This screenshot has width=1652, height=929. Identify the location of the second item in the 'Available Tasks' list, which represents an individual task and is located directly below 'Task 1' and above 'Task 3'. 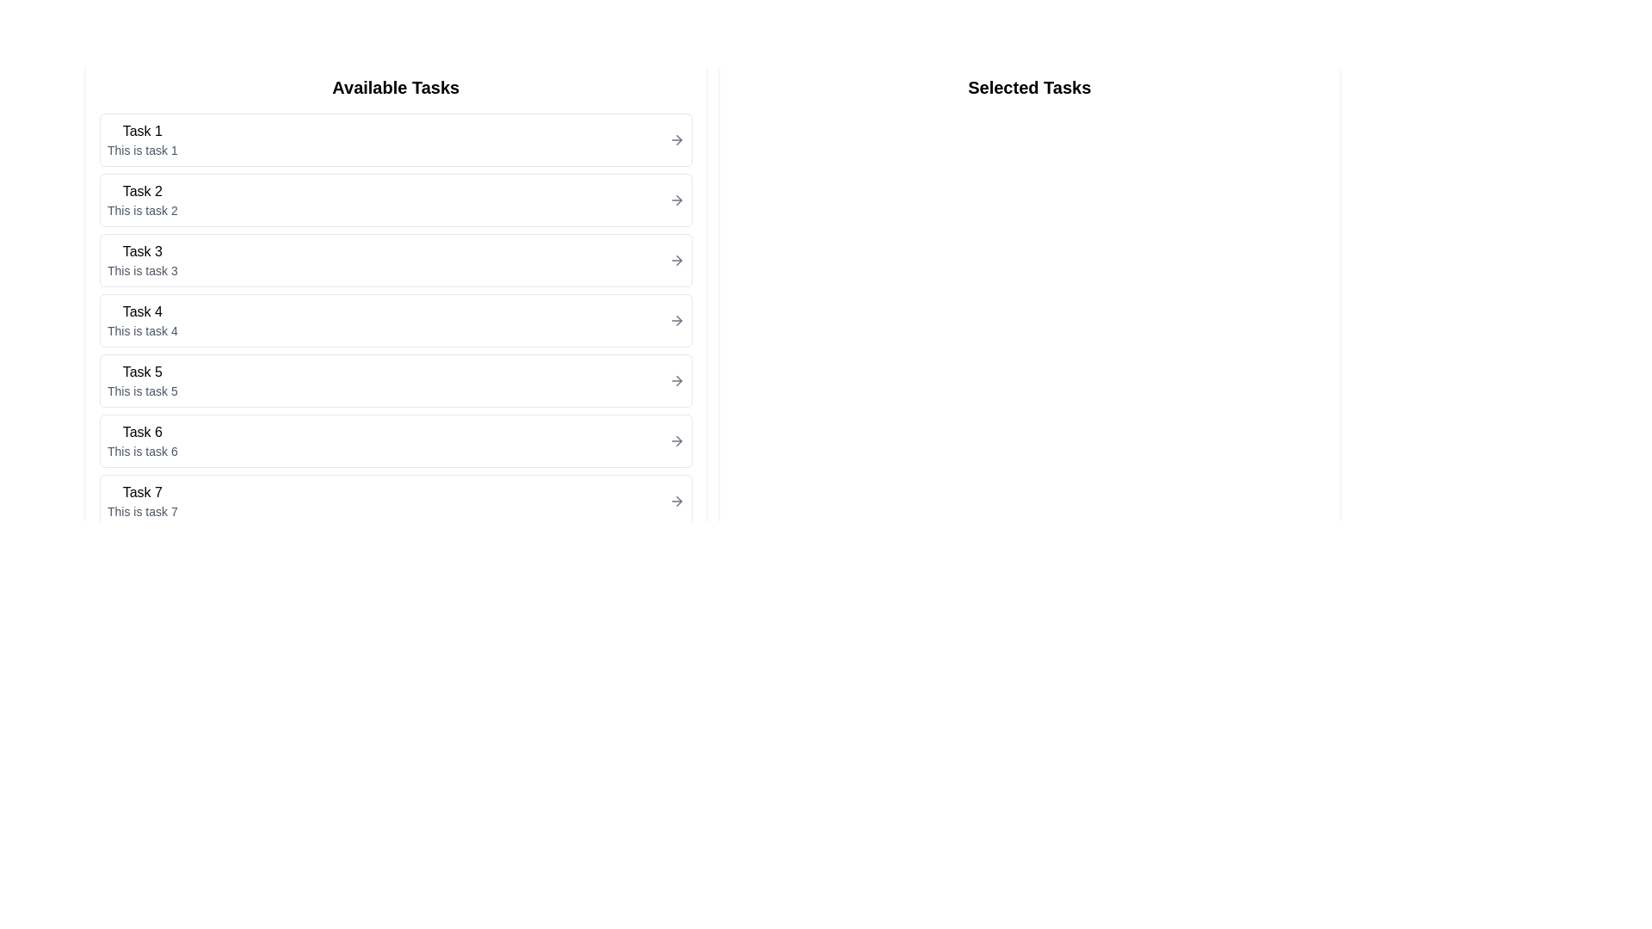
(142, 199).